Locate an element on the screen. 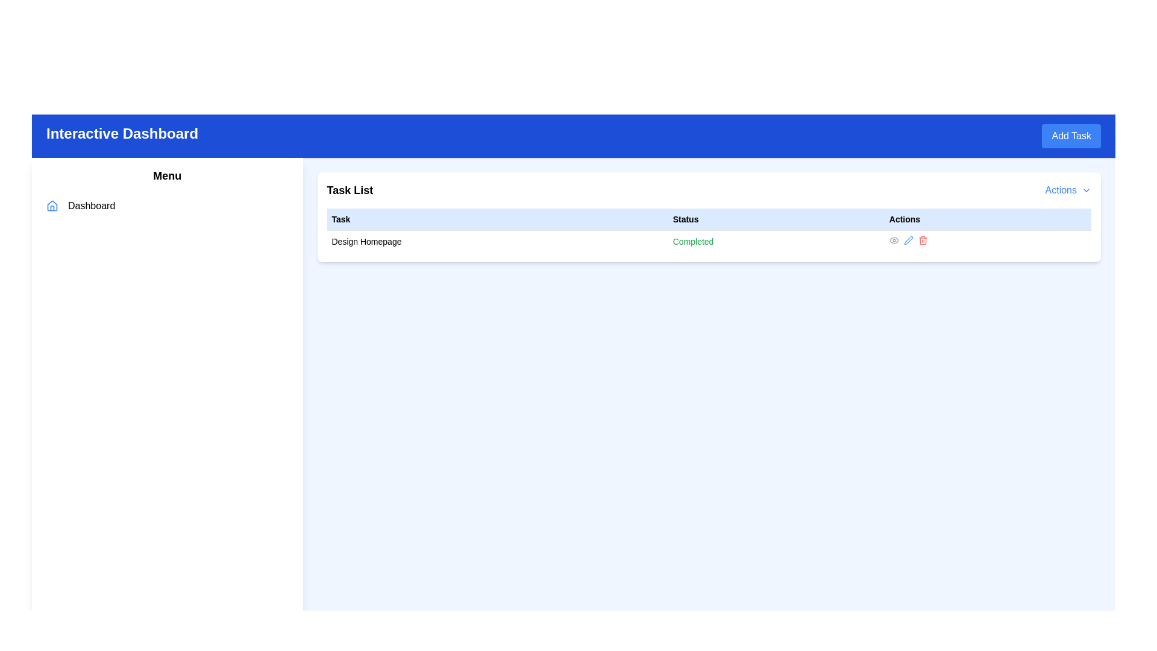 This screenshot has width=1157, height=651. the 'Add Task' button, which is a bold blue rectangular button with rounded corners located in the top-right corner of the blue header bar is located at coordinates (1071, 136).